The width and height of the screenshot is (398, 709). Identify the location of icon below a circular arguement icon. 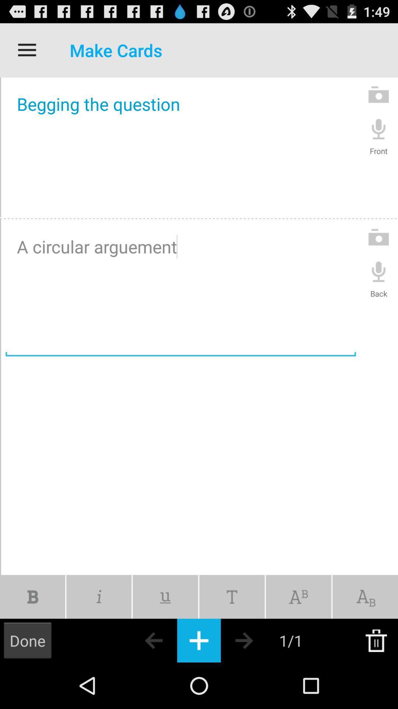
(298, 597).